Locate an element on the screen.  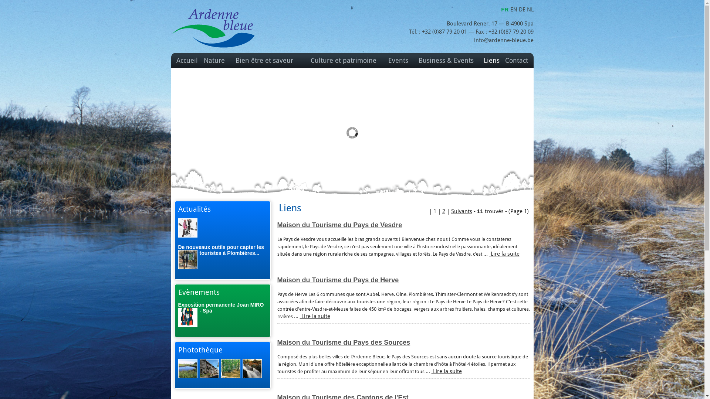
'Maison du Tourisme du Pays de Herve' is located at coordinates (338, 280).